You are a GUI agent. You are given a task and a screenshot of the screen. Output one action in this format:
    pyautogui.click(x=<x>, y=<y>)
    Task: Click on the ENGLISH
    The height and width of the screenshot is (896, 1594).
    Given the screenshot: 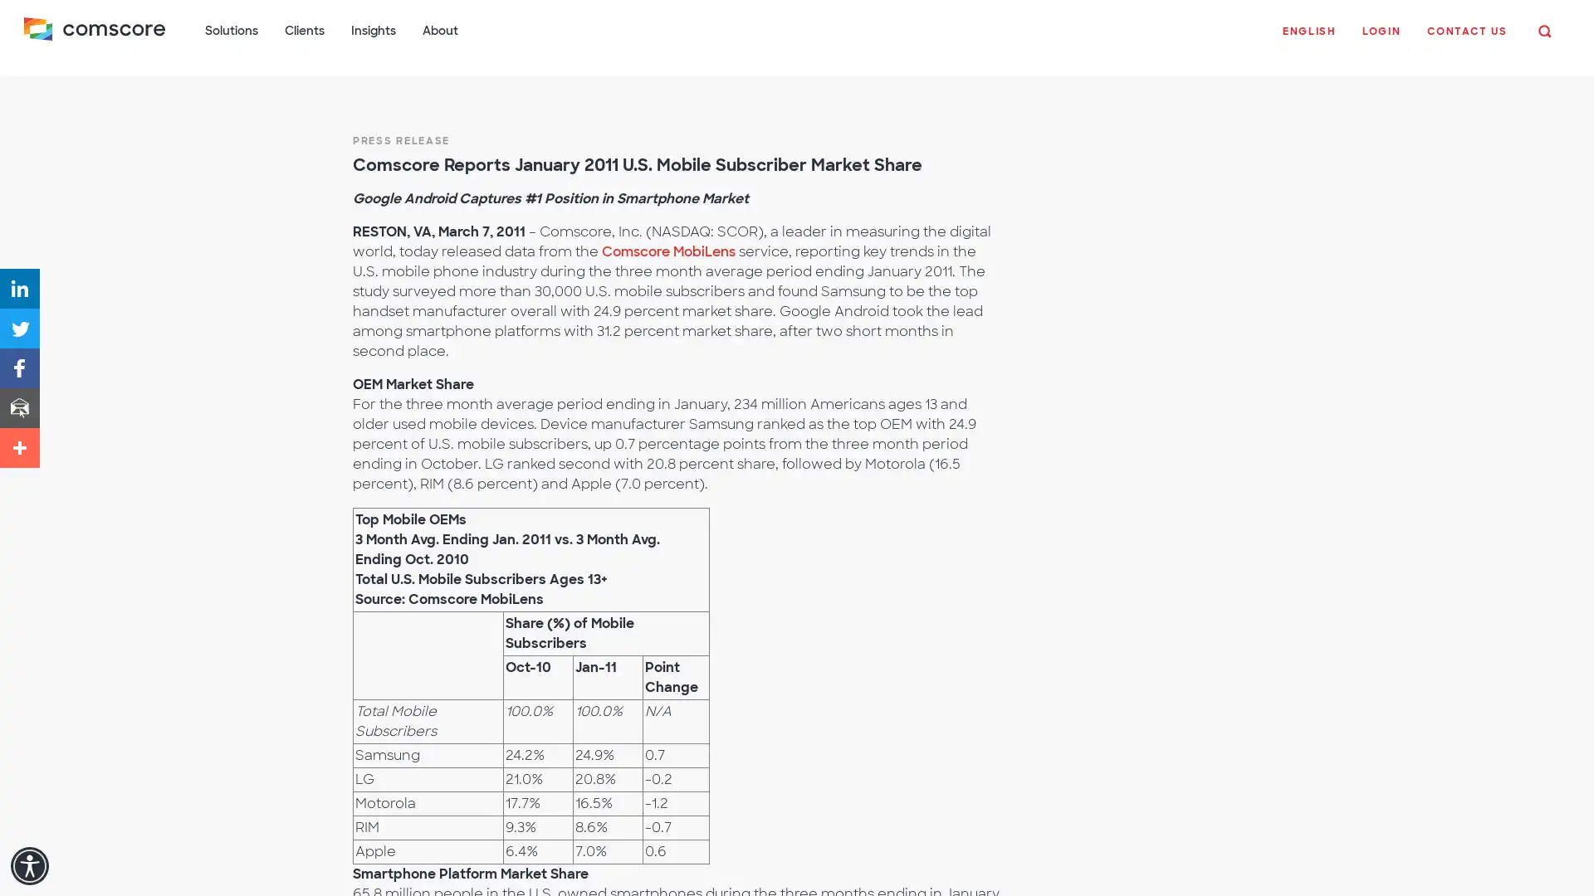 What is the action you would take?
    pyautogui.click(x=1305, y=40)
    